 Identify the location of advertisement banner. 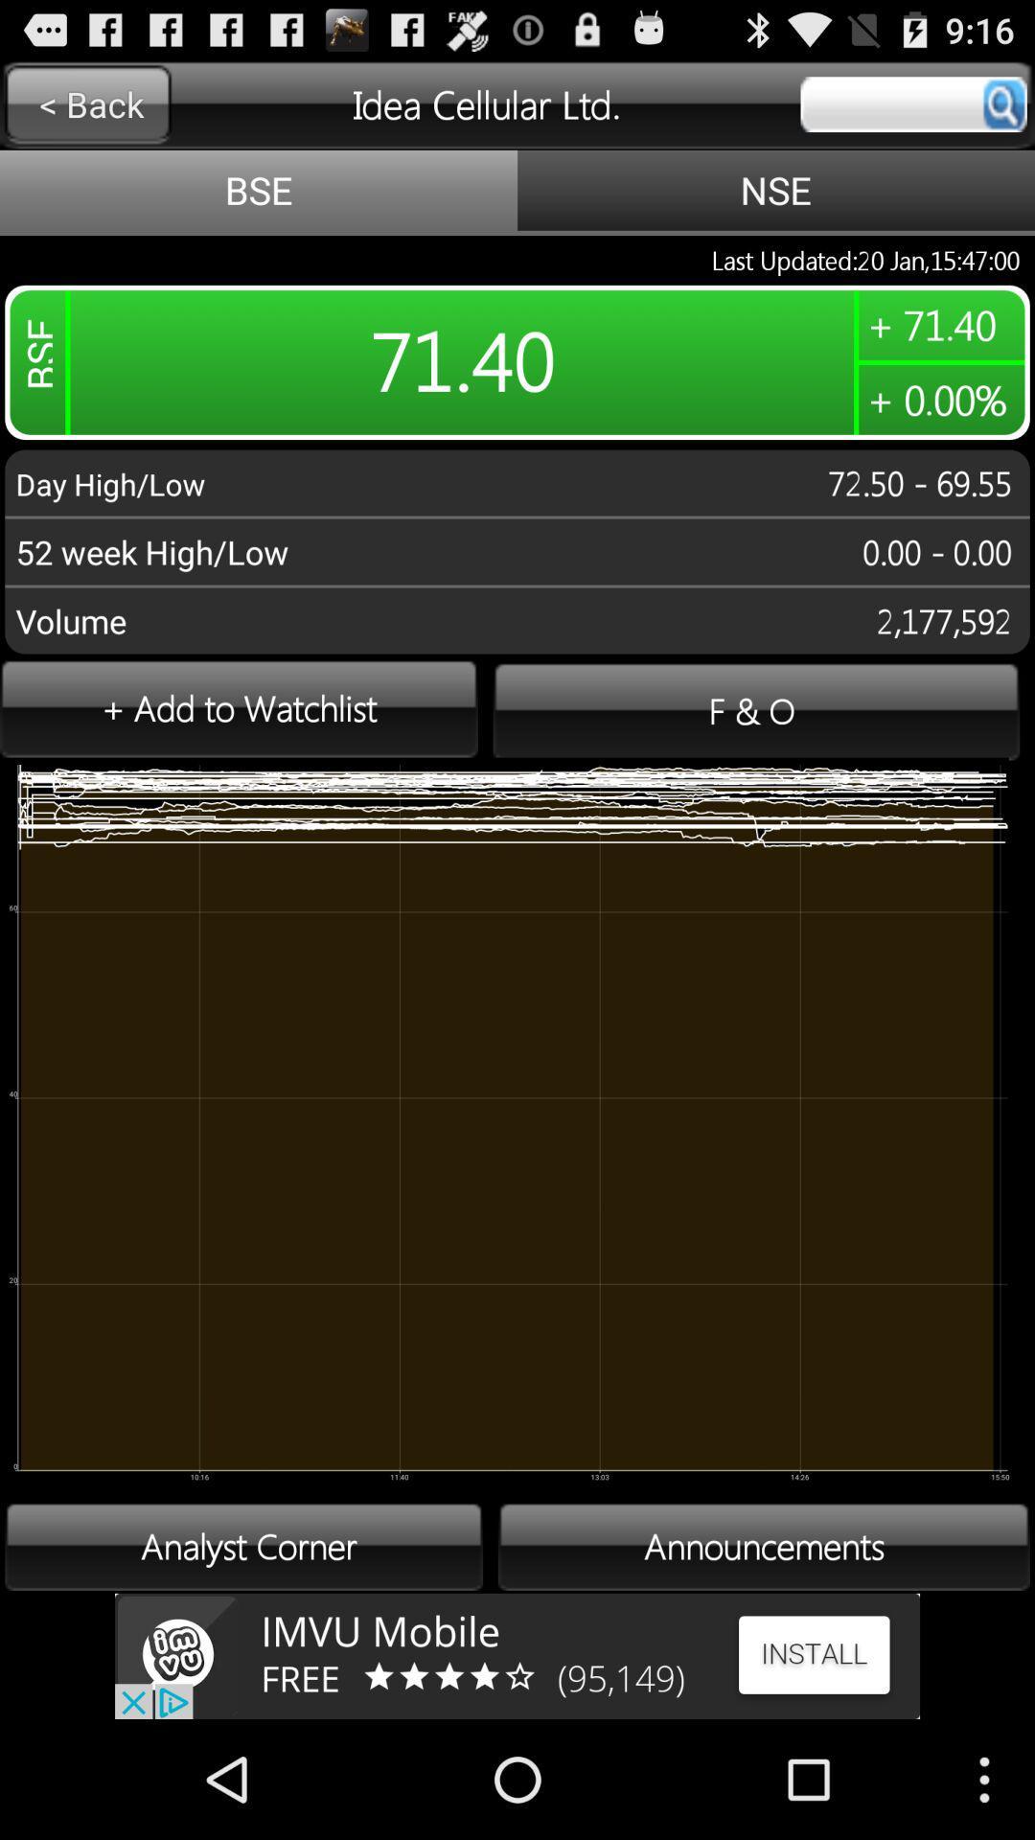
(517, 1655).